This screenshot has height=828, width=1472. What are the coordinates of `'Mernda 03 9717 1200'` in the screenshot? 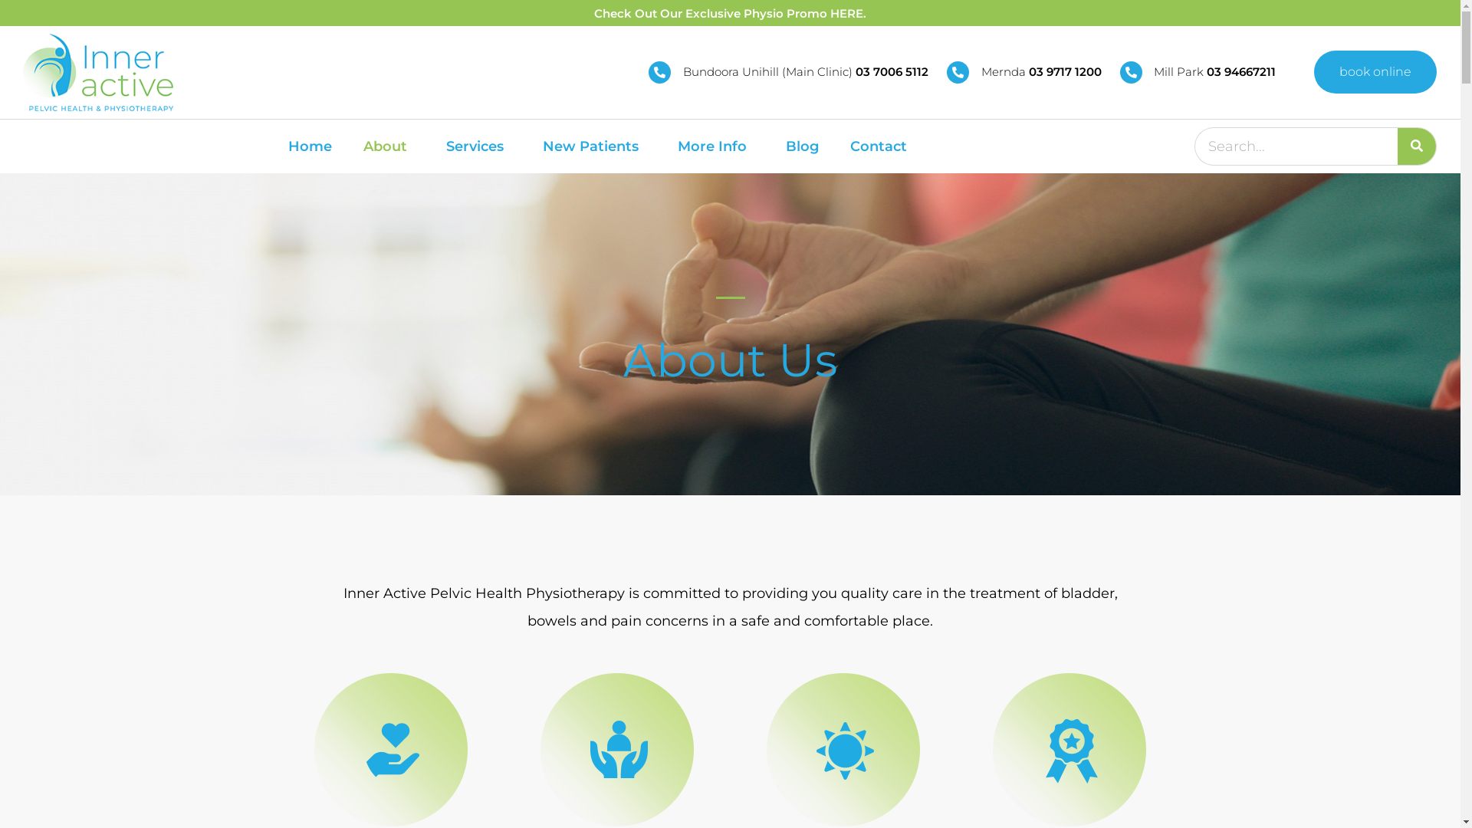 It's located at (1024, 72).